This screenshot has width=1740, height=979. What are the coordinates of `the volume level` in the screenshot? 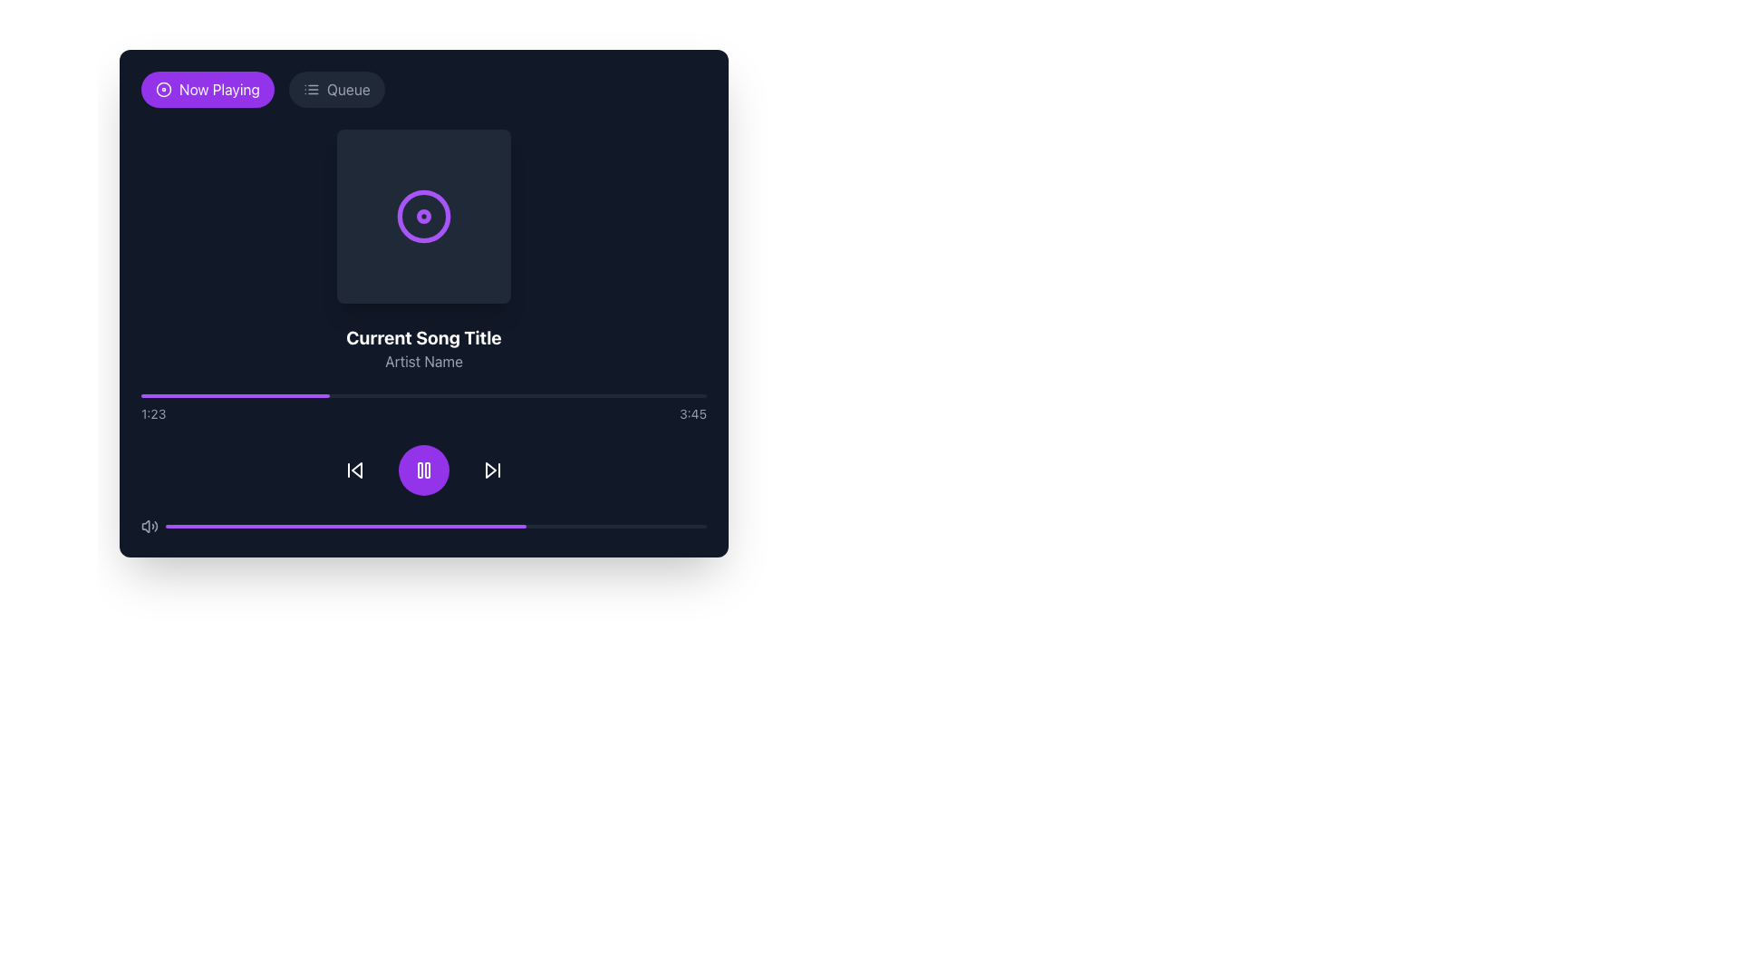 It's located at (679, 527).